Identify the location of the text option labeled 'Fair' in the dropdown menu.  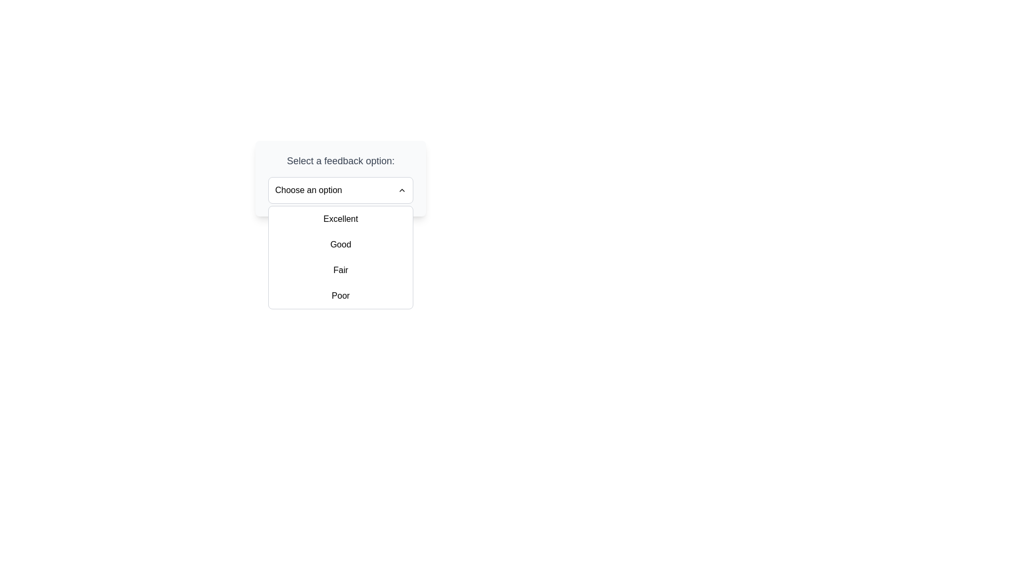
(340, 269).